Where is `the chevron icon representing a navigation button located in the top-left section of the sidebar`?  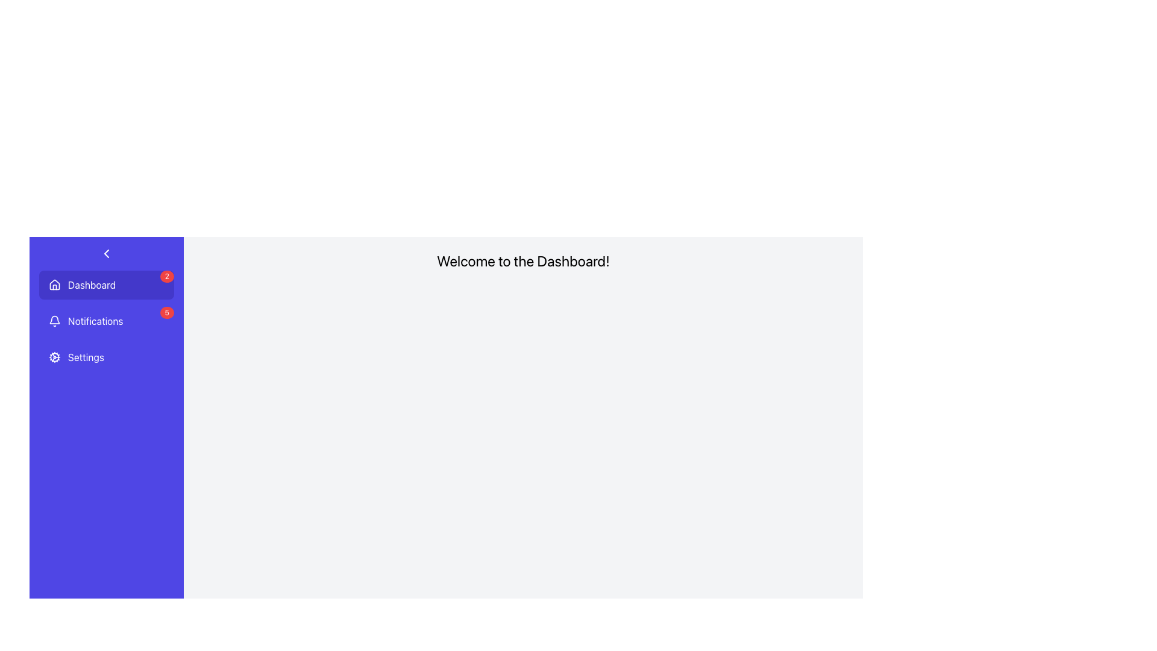 the chevron icon representing a navigation button located in the top-left section of the sidebar is located at coordinates (107, 253).